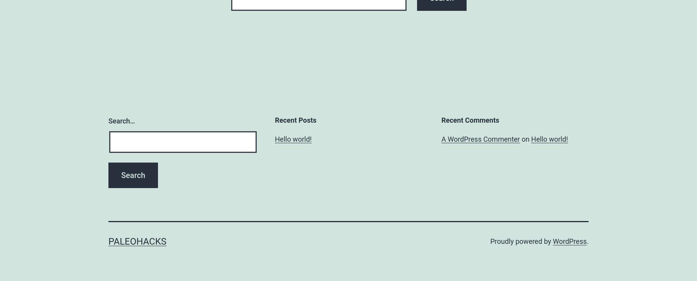 The image size is (697, 281). Describe the element at coordinates (137, 241) in the screenshot. I see `'Paleohacks'` at that location.